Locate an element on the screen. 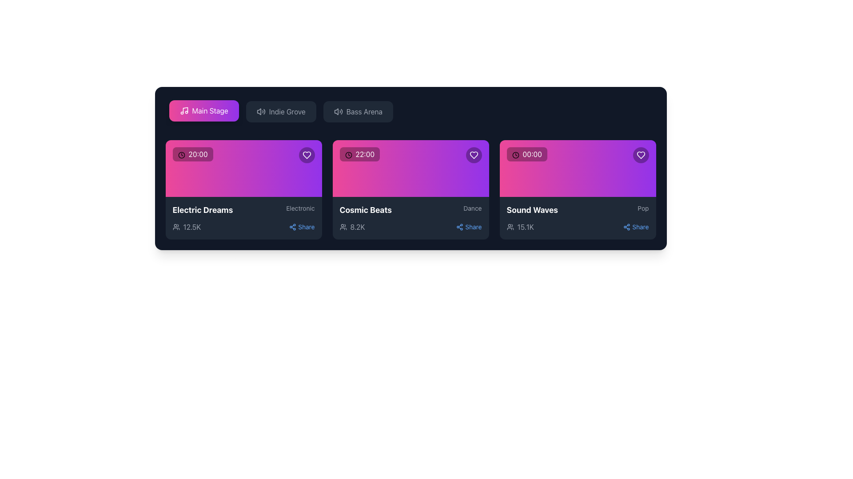 The width and height of the screenshot is (853, 479). the text label displaying 'Electric Dreams' in bold white font, located at the bottom-left side of the first card in a horizontal row is located at coordinates (202, 210).